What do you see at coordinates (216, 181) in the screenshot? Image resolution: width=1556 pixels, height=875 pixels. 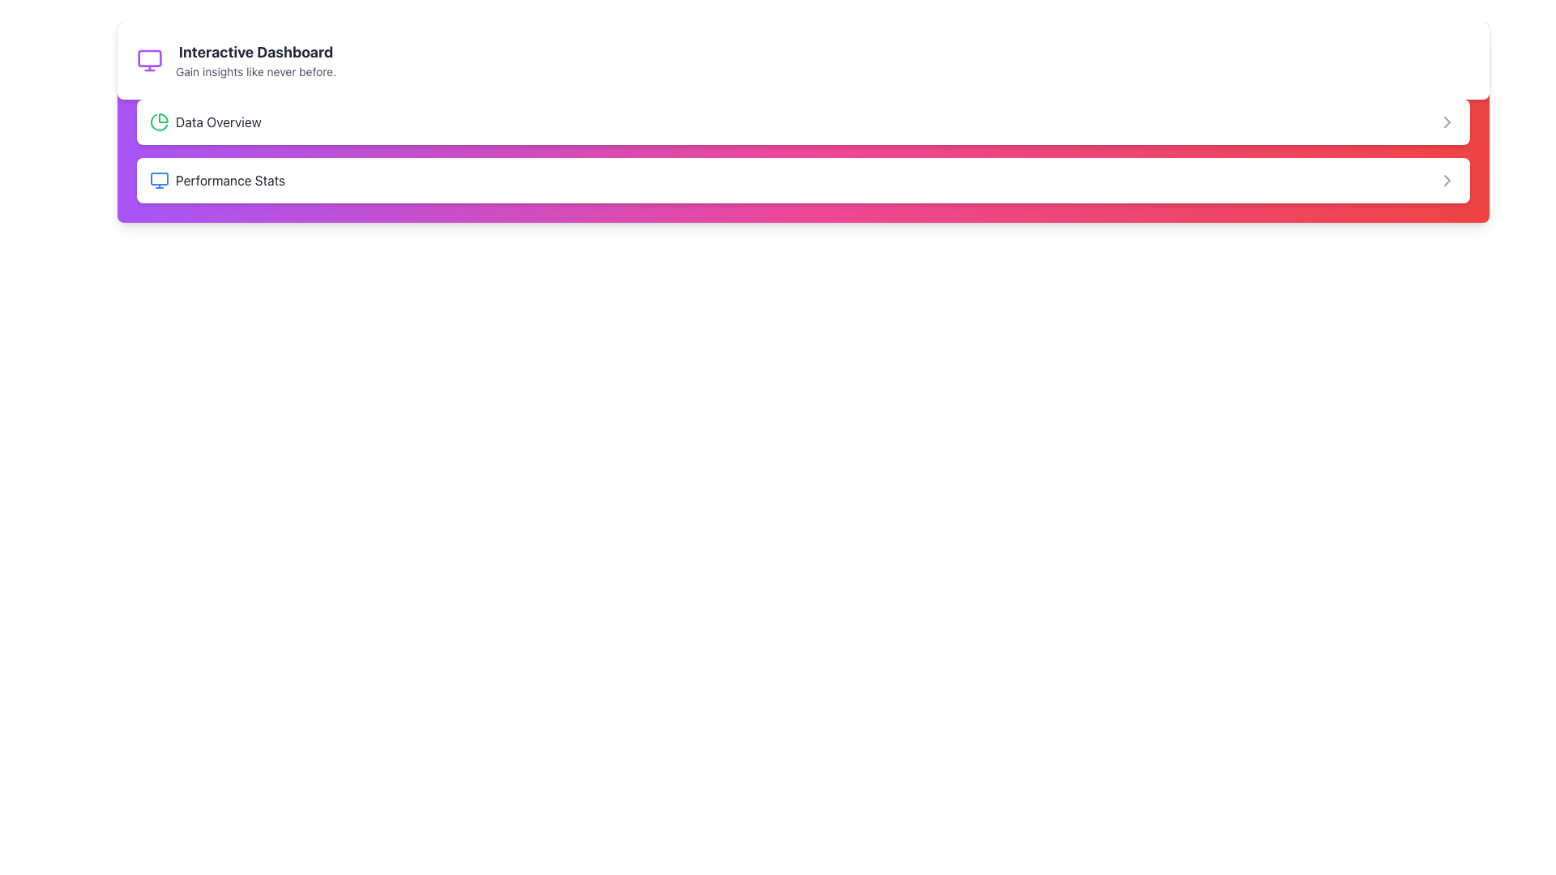 I see `the 'Performance Stats' group element, which includes a blue-tinted monitor icon and dark gray text` at bounding box center [216, 181].